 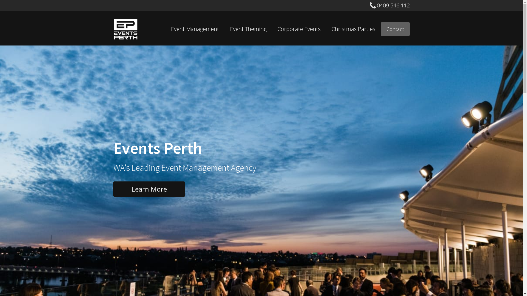 What do you see at coordinates (353, 29) in the screenshot?
I see `'Christmas Parties'` at bounding box center [353, 29].